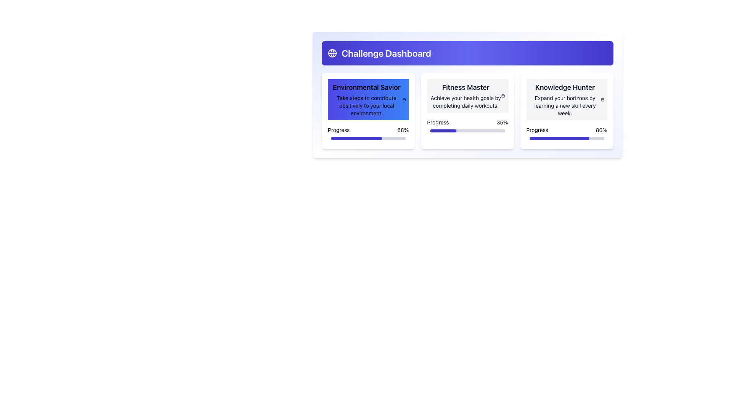 Image resolution: width=732 pixels, height=411 pixels. Describe the element at coordinates (565, 99) in the screenshot. I see `information presented in the Text Block titled 'Knowledge Hunter' located in the top-right quarter of the interface, which provides a description about learning new skills` at that location.